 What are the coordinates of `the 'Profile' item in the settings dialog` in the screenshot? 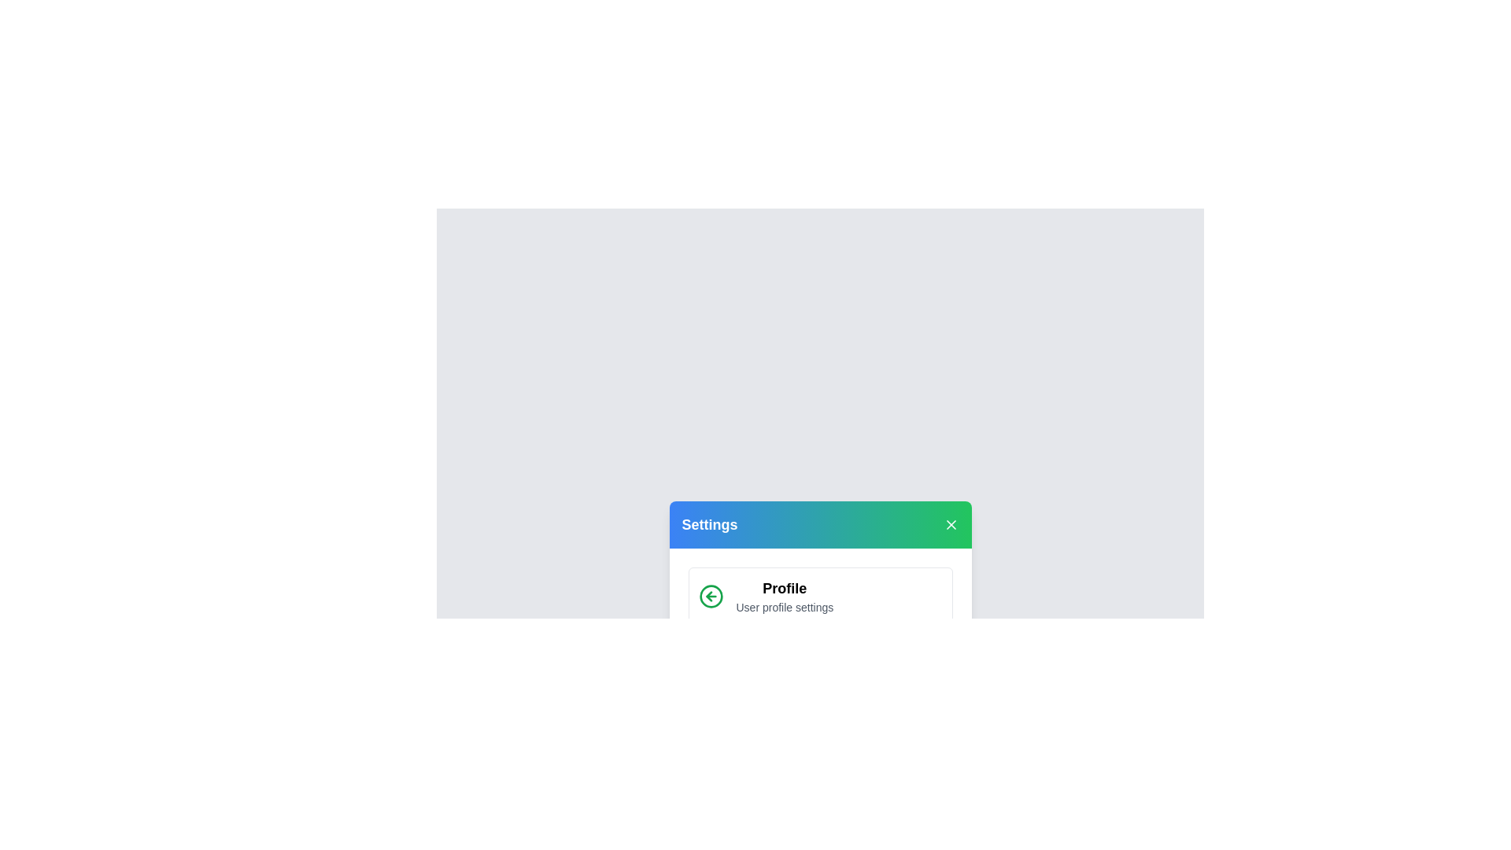 It's located at (785, 589).